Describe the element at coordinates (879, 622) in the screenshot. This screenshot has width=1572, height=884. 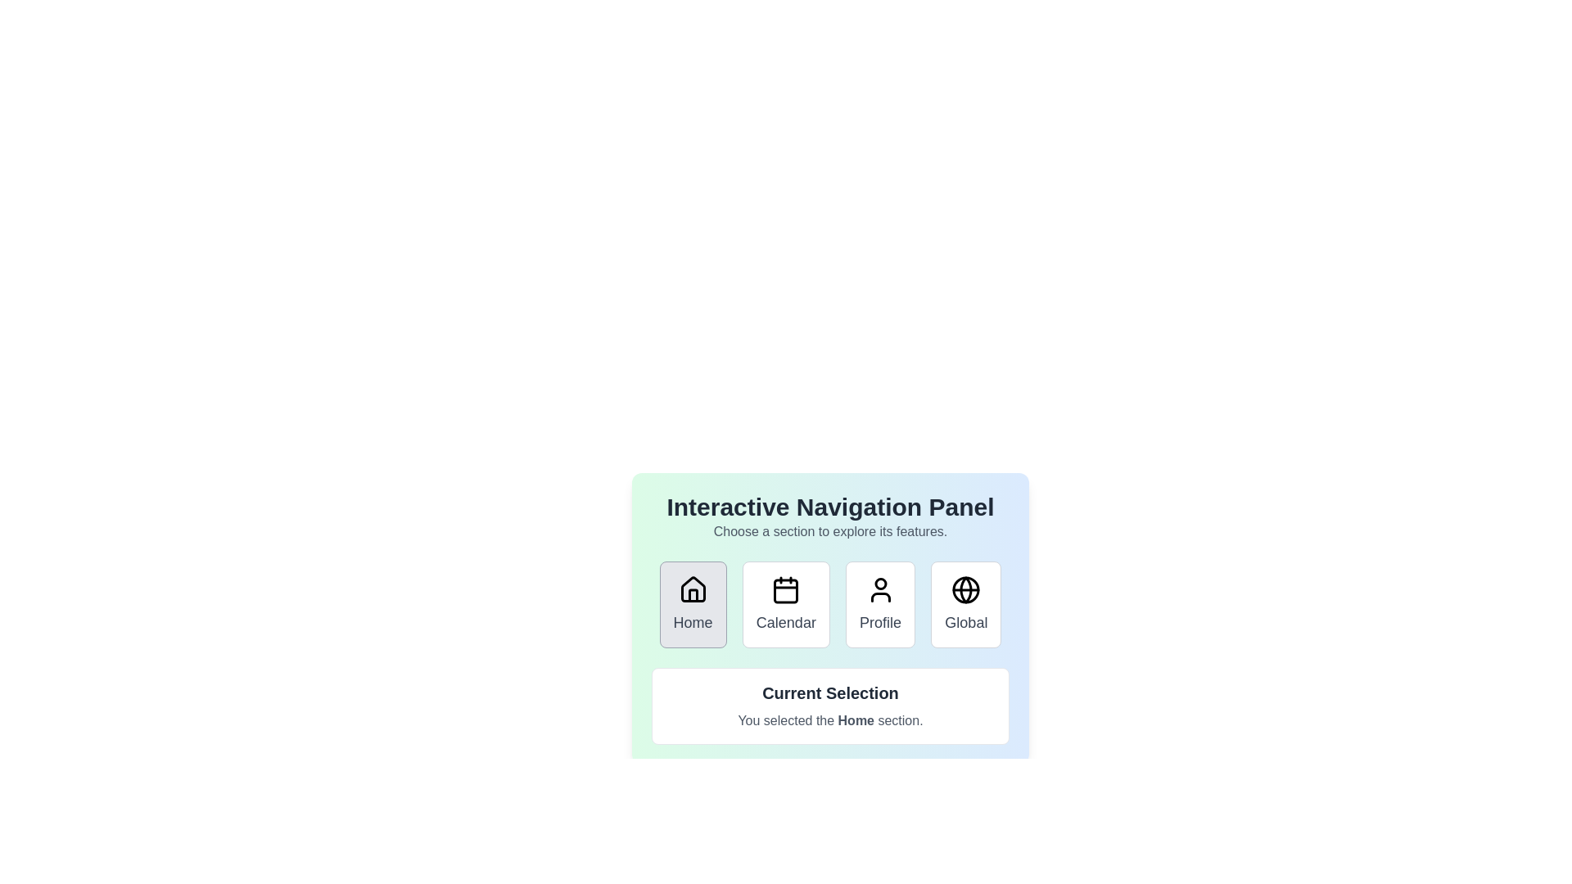
I see `the 'Profile' text label in the navigation panel, which is the third section following 'Home' and 'Calendar'` at that location.